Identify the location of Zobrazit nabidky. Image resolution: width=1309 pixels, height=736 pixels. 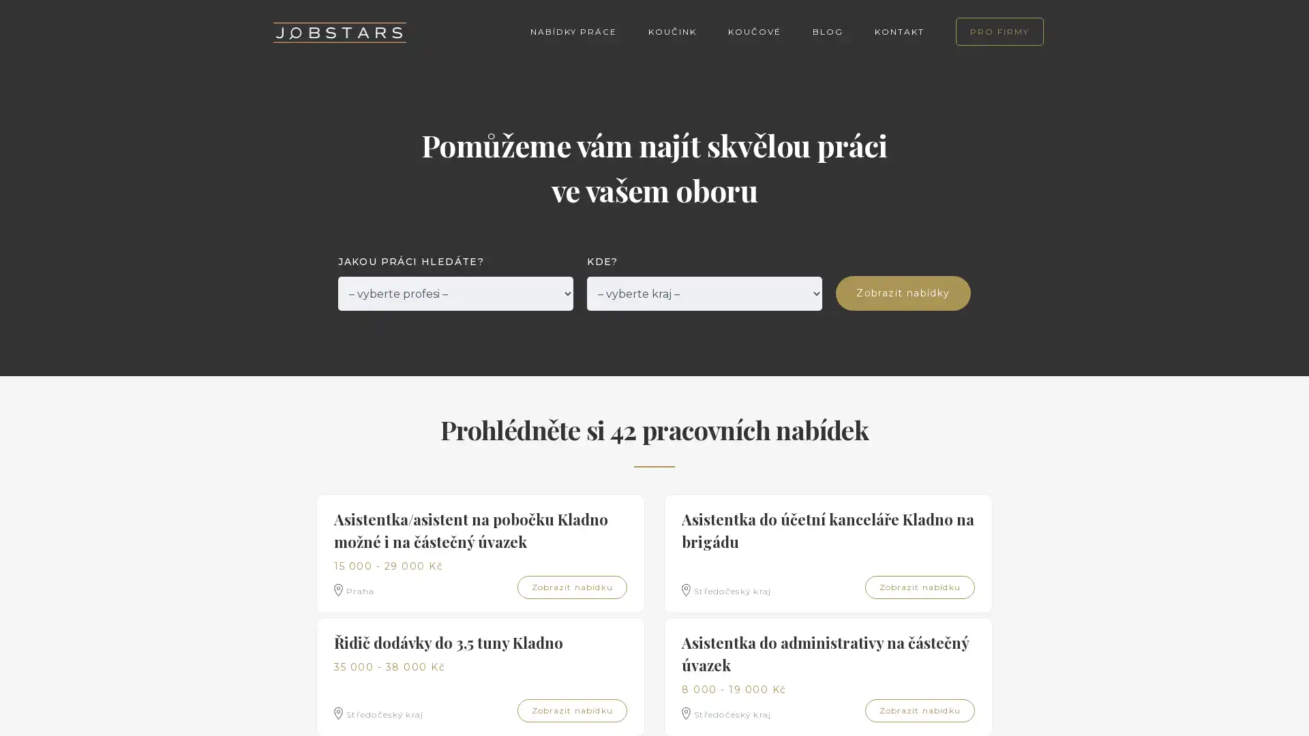
(903, 292).